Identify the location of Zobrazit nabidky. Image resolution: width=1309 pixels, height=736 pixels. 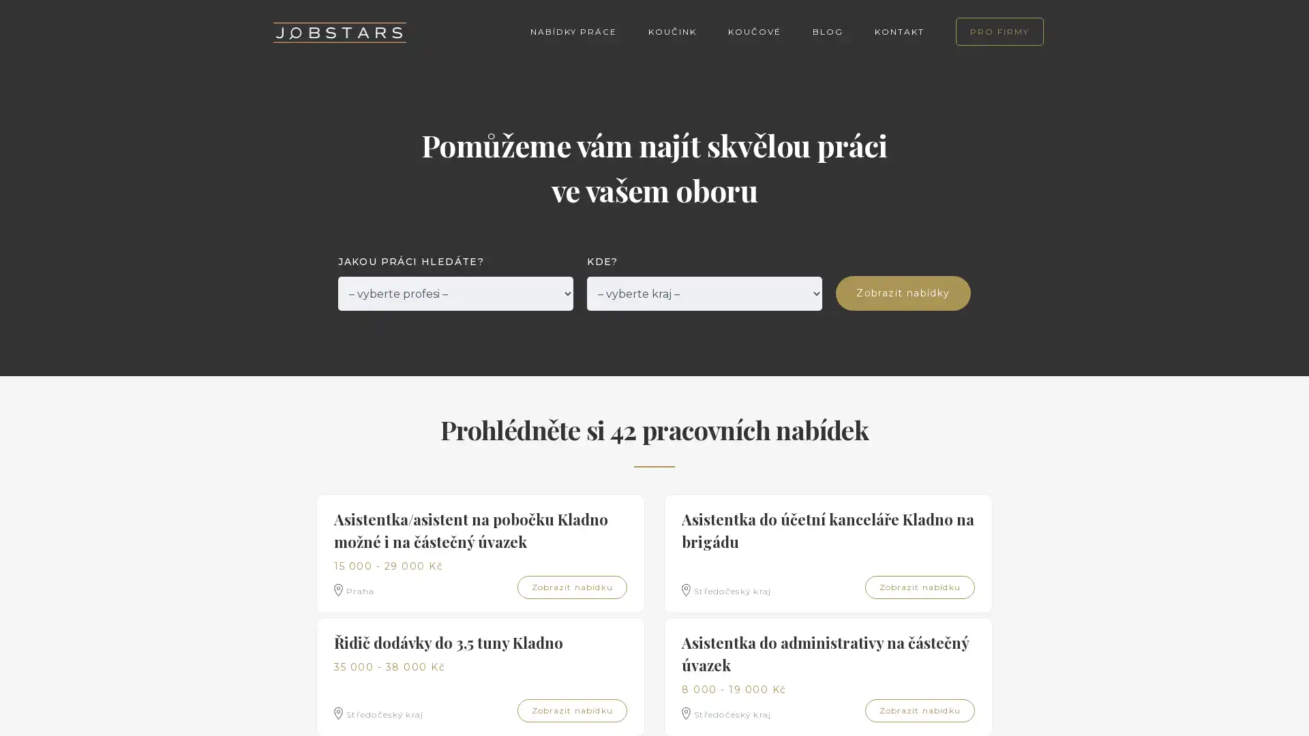
(903, 292).